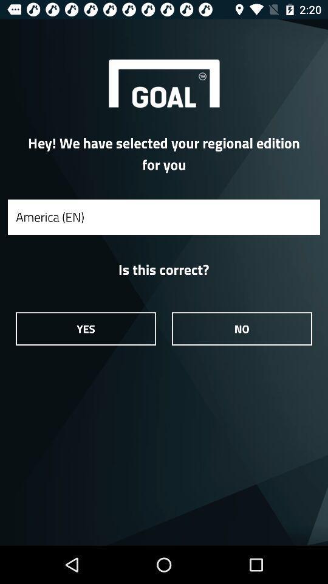 The width and height of the screenshot is (328, 584). I want to click on america (en) icon, so click(164, 217).